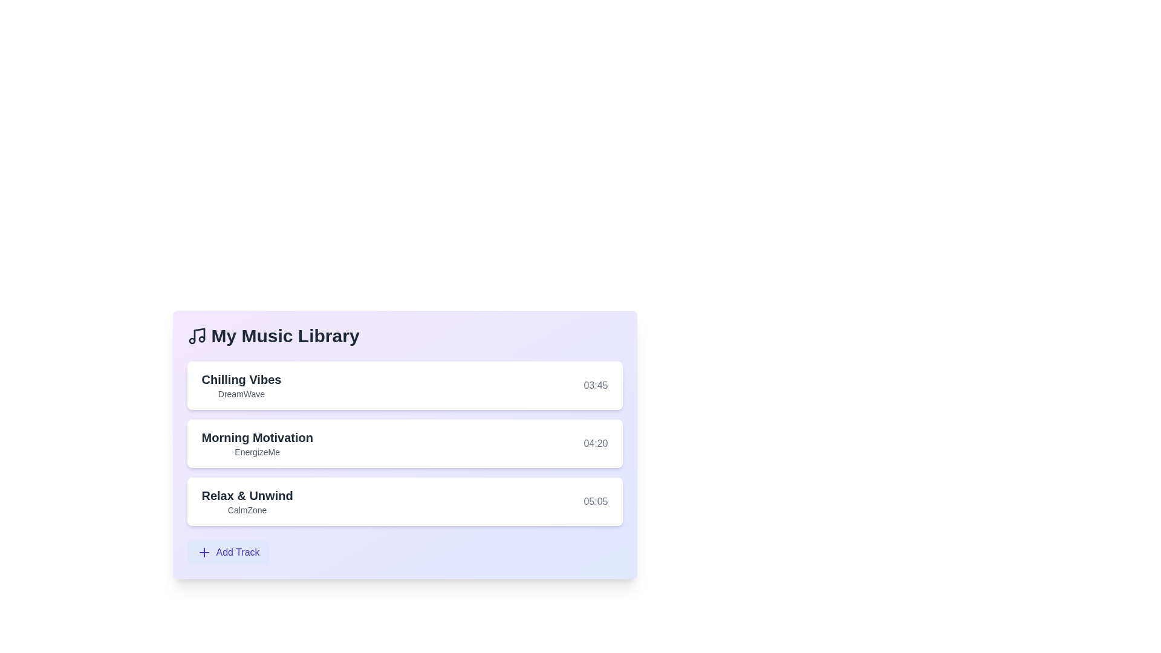 This screenshot has height=653, width=1161. What do you see at coordinates (405, 385) in the screenshot?
I see `the track titled 'Chilling Vibes' to observe the scaling effect` at bounding box center [405, 385].